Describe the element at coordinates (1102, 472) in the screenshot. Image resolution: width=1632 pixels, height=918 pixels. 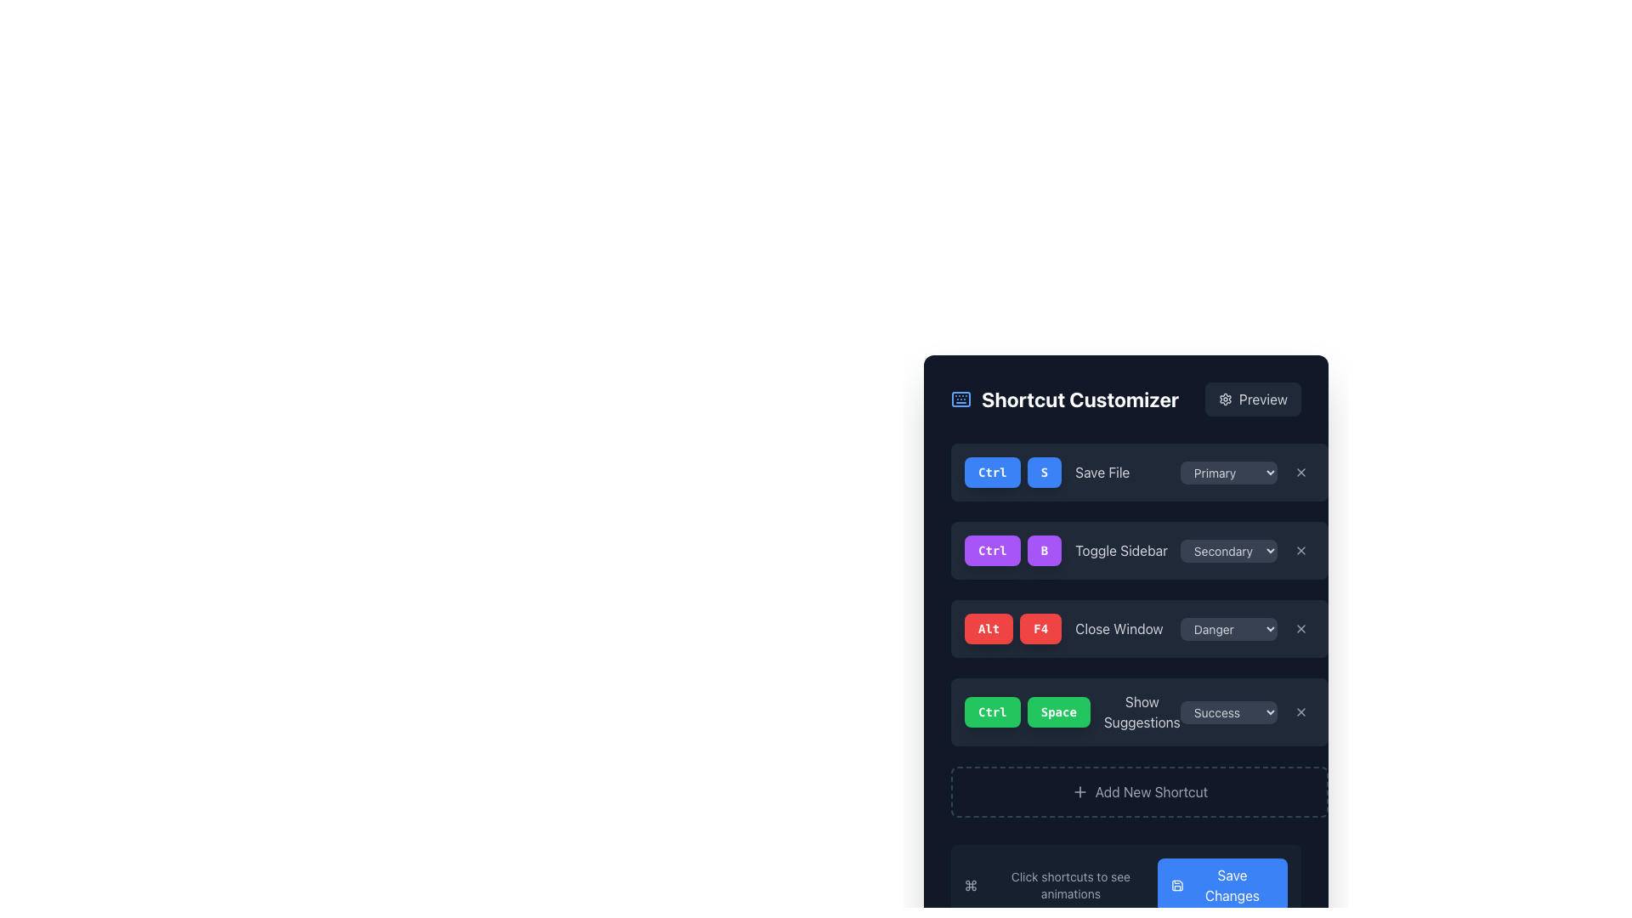
I see `the text element that describes the shortcut combination 'Ctrl + S', which is located to the right of the blue button labeled 'S'` at that location.